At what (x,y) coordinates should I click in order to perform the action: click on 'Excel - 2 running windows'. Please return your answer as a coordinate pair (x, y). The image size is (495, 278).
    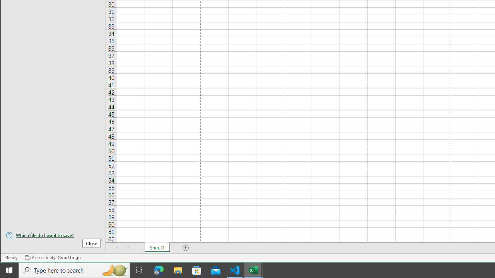
    Looking at the image, I should click on (254, 270).